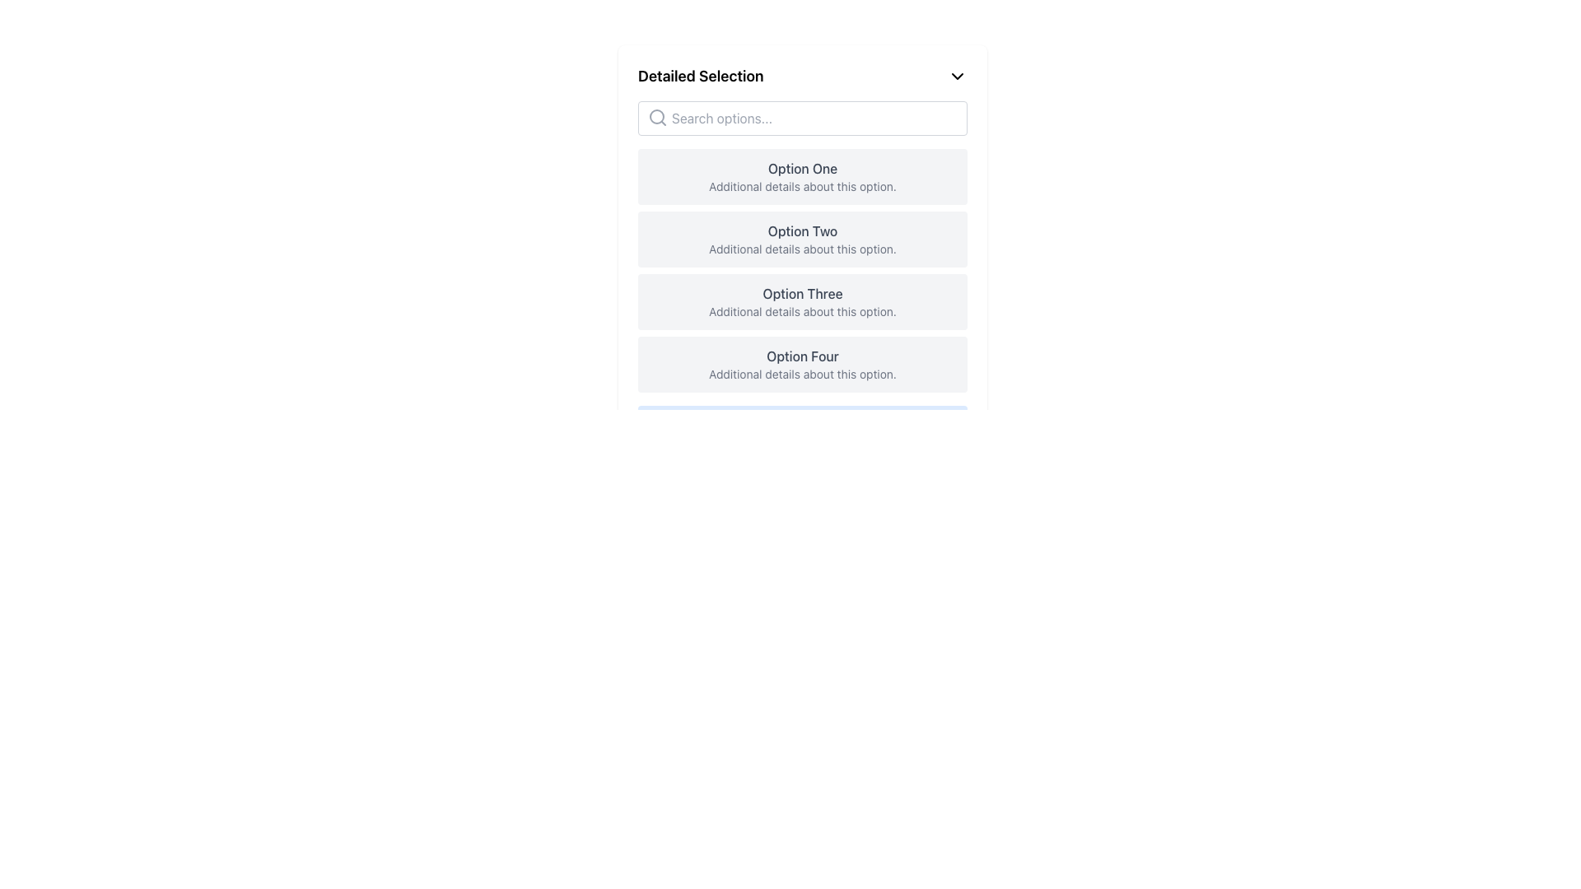  I want to click on the first selectable list item located immediately below the search bar to make a selection, so click(802, 177).